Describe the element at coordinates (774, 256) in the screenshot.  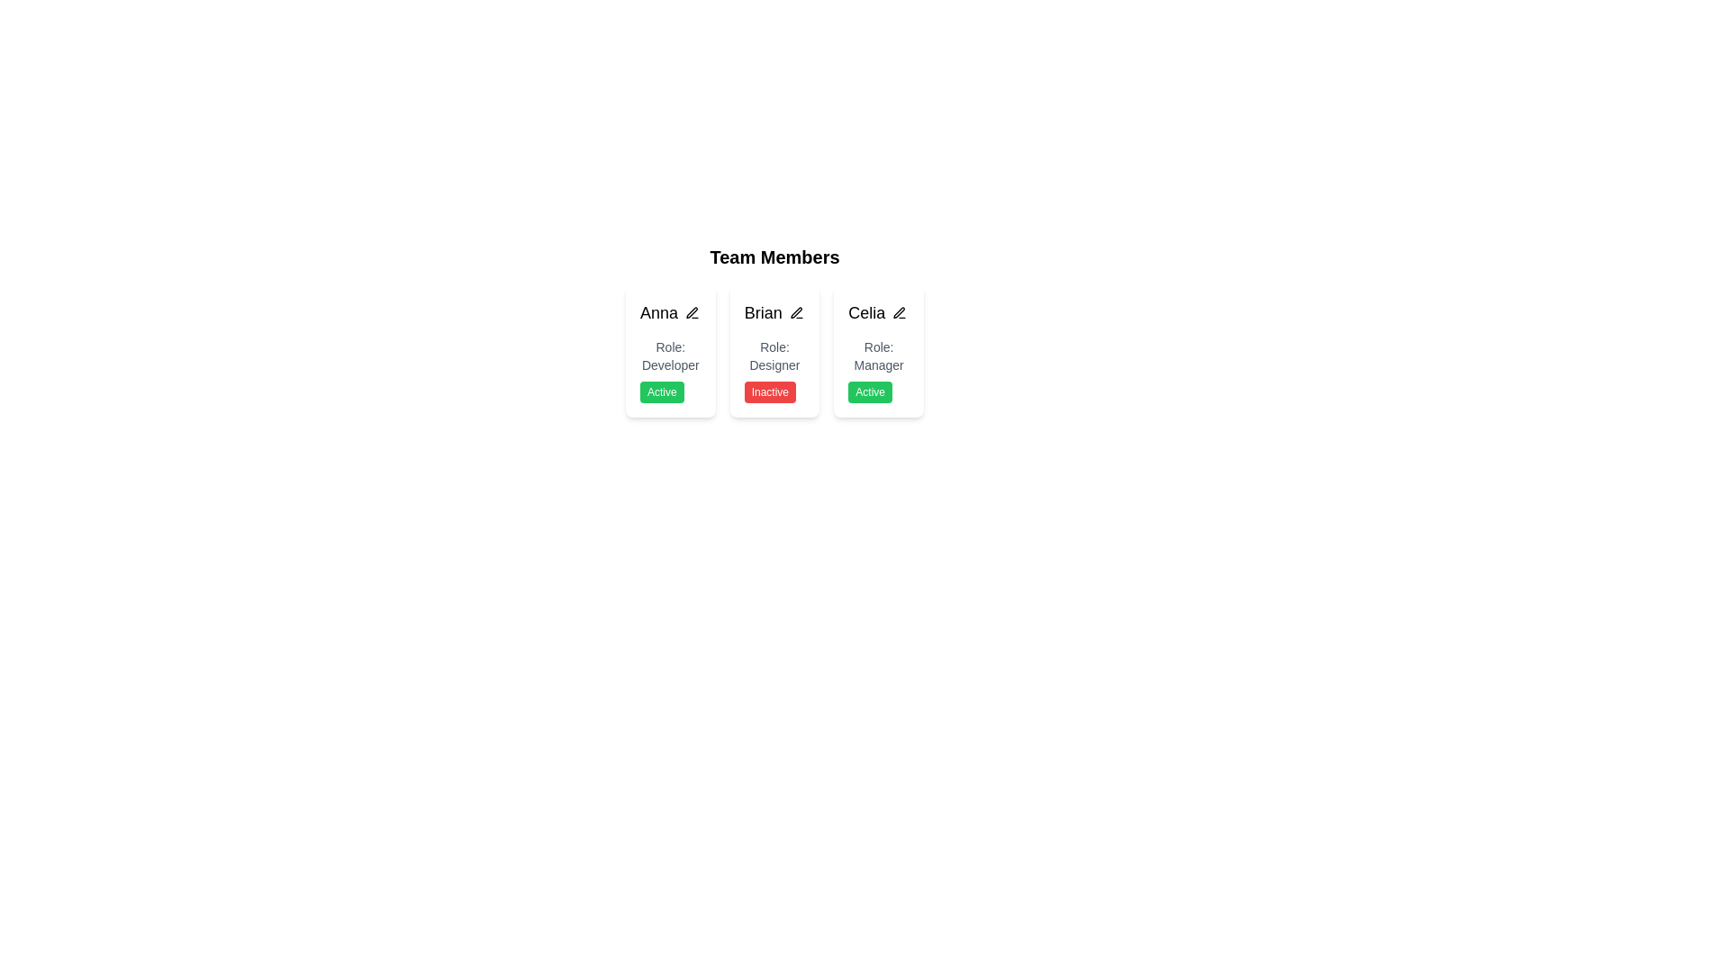
I see `the bold, large-sized text reading 'Team Members' located centrally above the team member profiles grid` at that location.